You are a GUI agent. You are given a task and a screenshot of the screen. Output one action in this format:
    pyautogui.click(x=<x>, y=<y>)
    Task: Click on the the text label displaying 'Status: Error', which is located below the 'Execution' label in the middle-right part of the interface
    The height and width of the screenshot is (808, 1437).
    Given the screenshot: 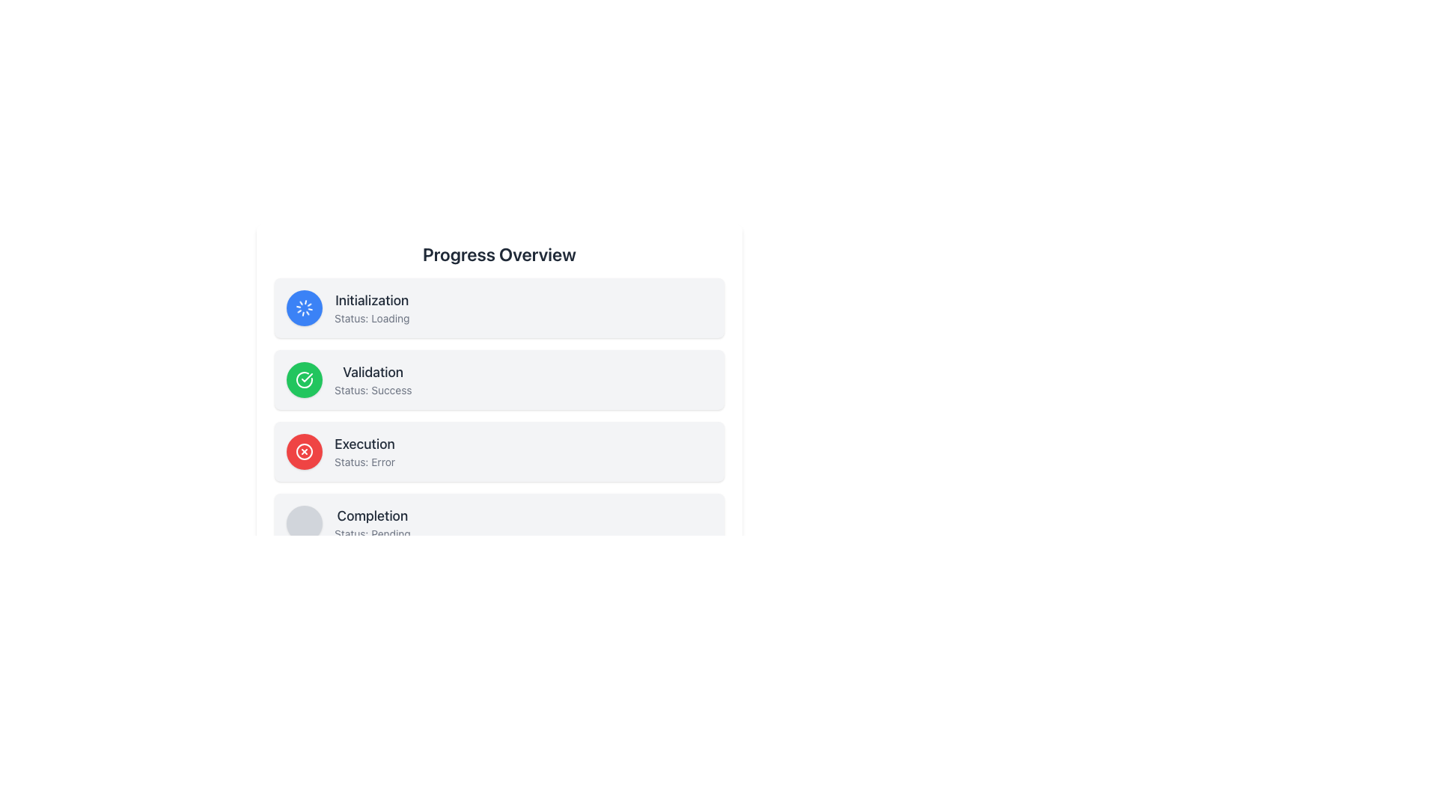 What is the action you would take?
    pyautogui.click(x=364, y=461)
    